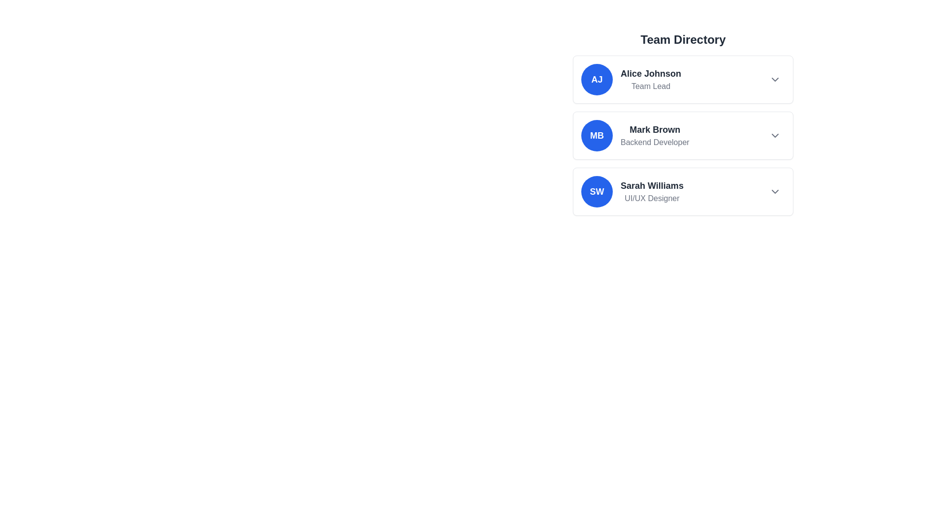 This screenshot has height=531, width=945. I want to click on on the text label indicating the name of the individual in the 'UI/UX Designer' entry in the 'Team Directory' list, so click(652, 186).